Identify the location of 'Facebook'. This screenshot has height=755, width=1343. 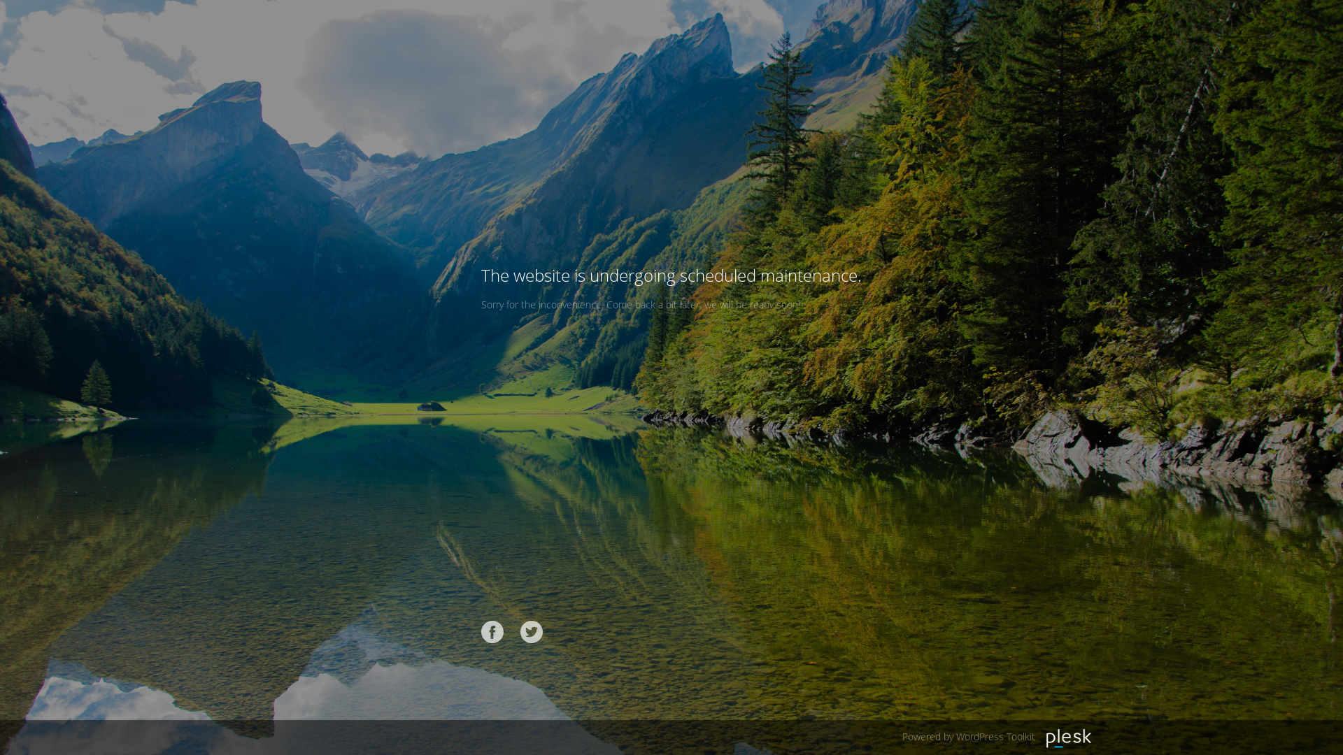
(492, 631).